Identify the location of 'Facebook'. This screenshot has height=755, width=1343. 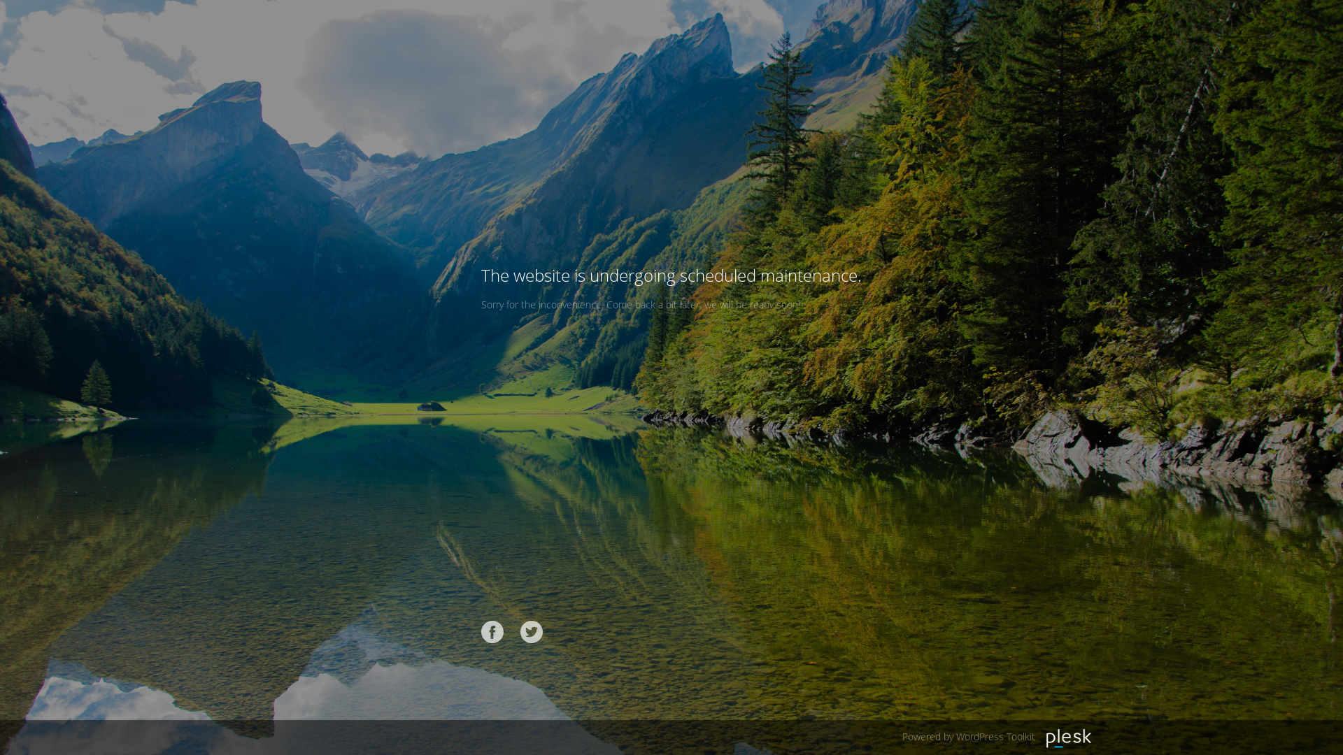
(492, 631).